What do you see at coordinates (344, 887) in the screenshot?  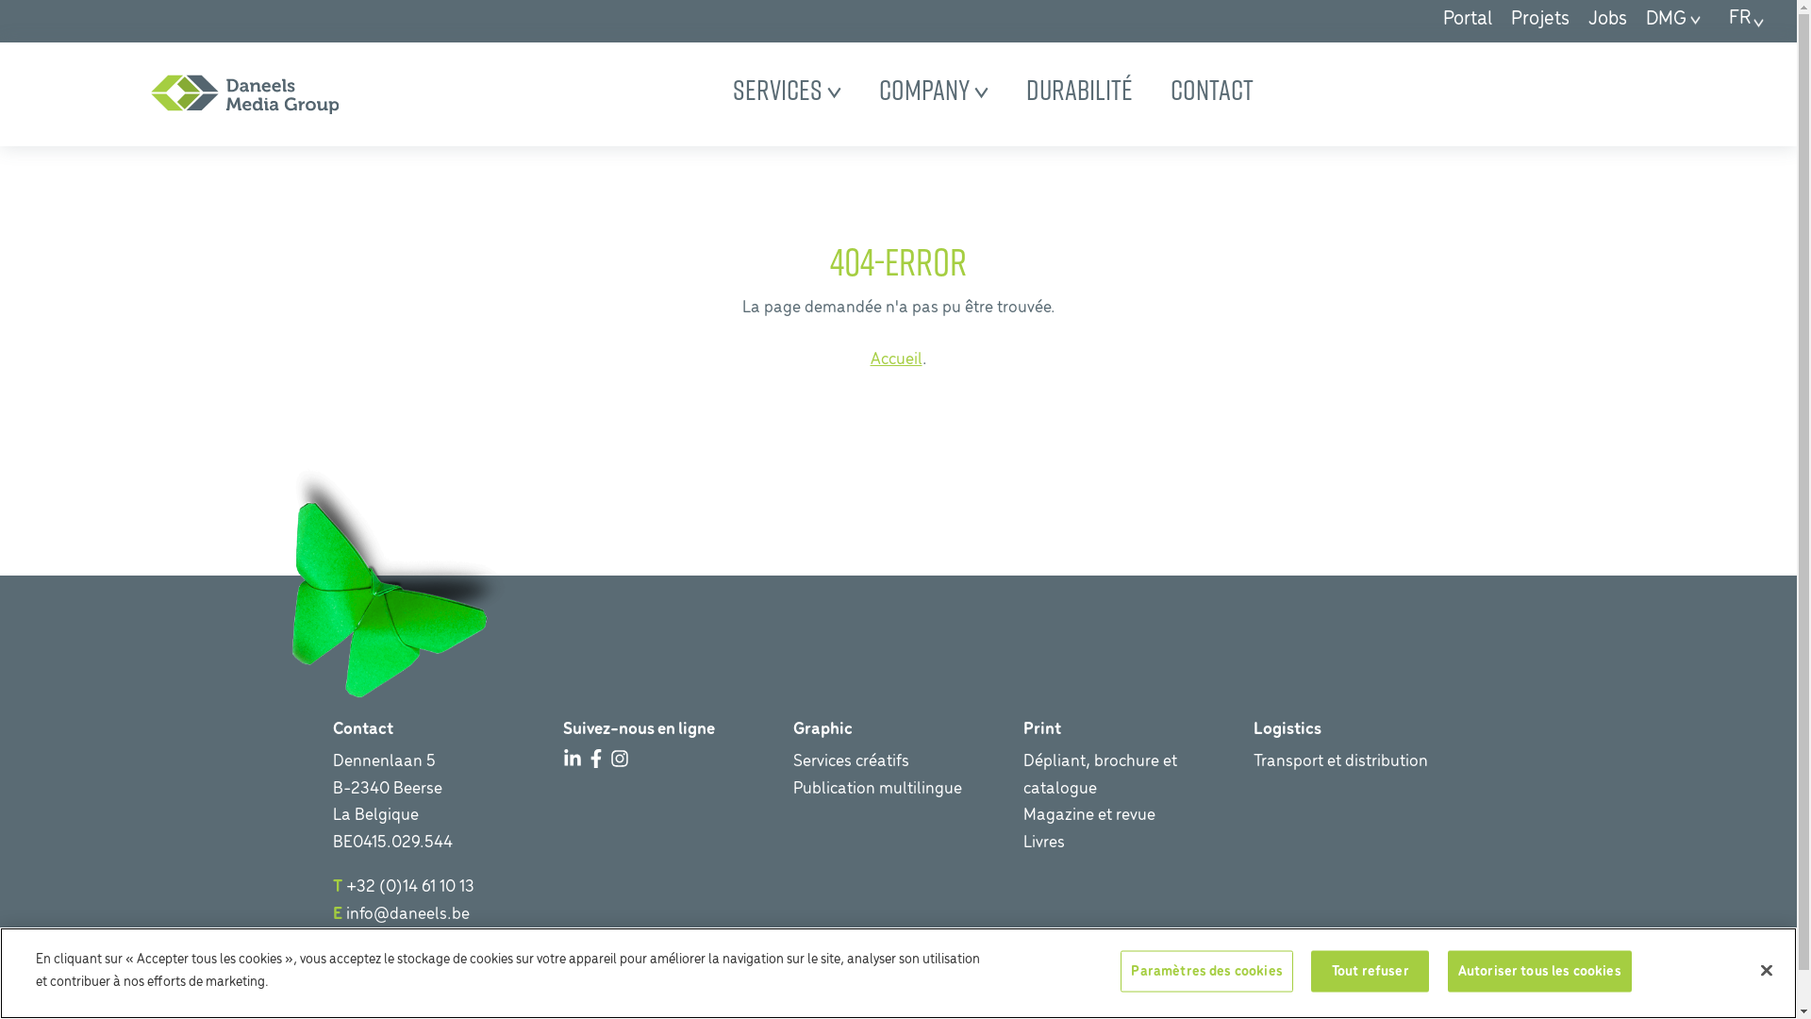 I see `'+32 (0)14 61 10 13'` at bounding box center [344, 887].